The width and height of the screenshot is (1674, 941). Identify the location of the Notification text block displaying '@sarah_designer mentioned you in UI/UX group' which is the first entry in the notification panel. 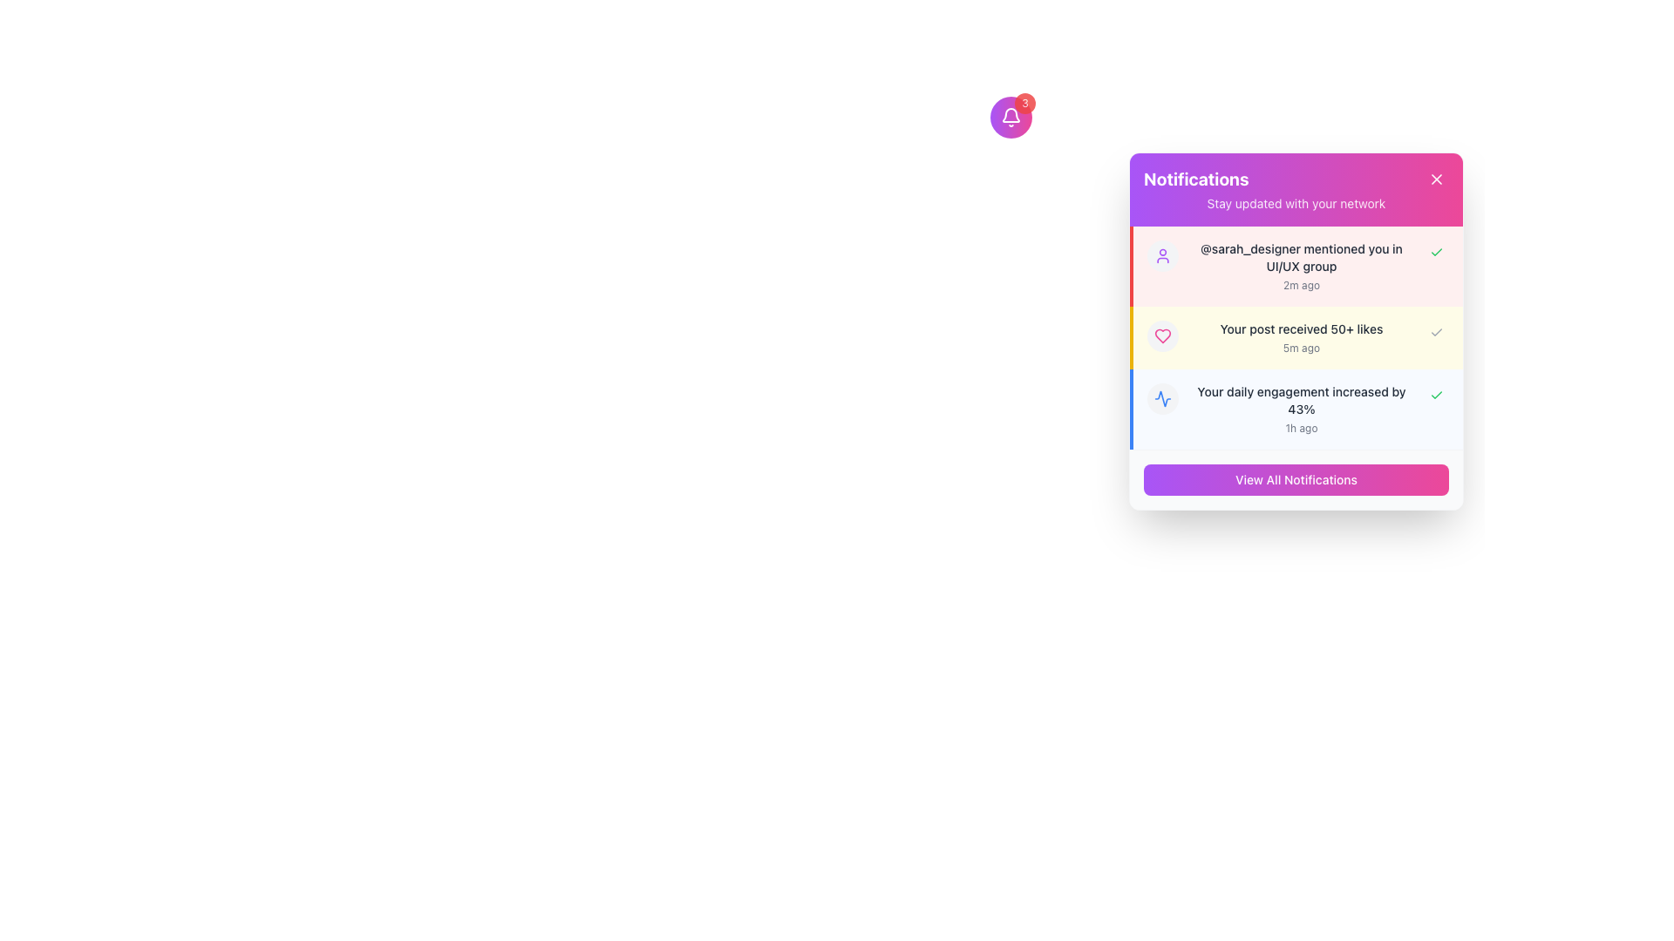
(1301, 266).